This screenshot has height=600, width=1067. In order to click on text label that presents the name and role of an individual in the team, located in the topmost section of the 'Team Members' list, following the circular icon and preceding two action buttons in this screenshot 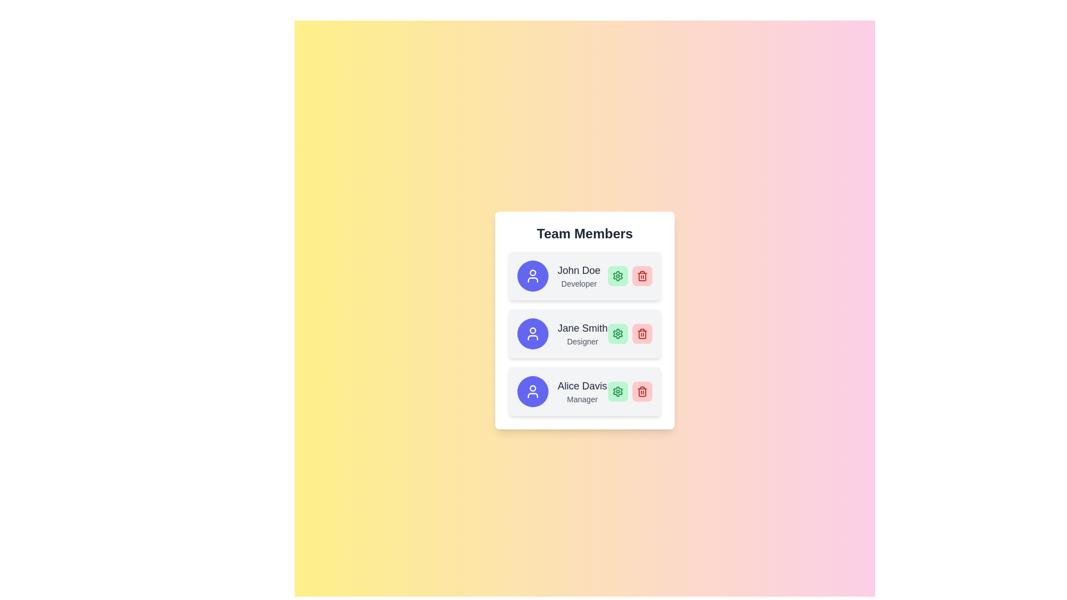, I will do `click(578, 276)`.